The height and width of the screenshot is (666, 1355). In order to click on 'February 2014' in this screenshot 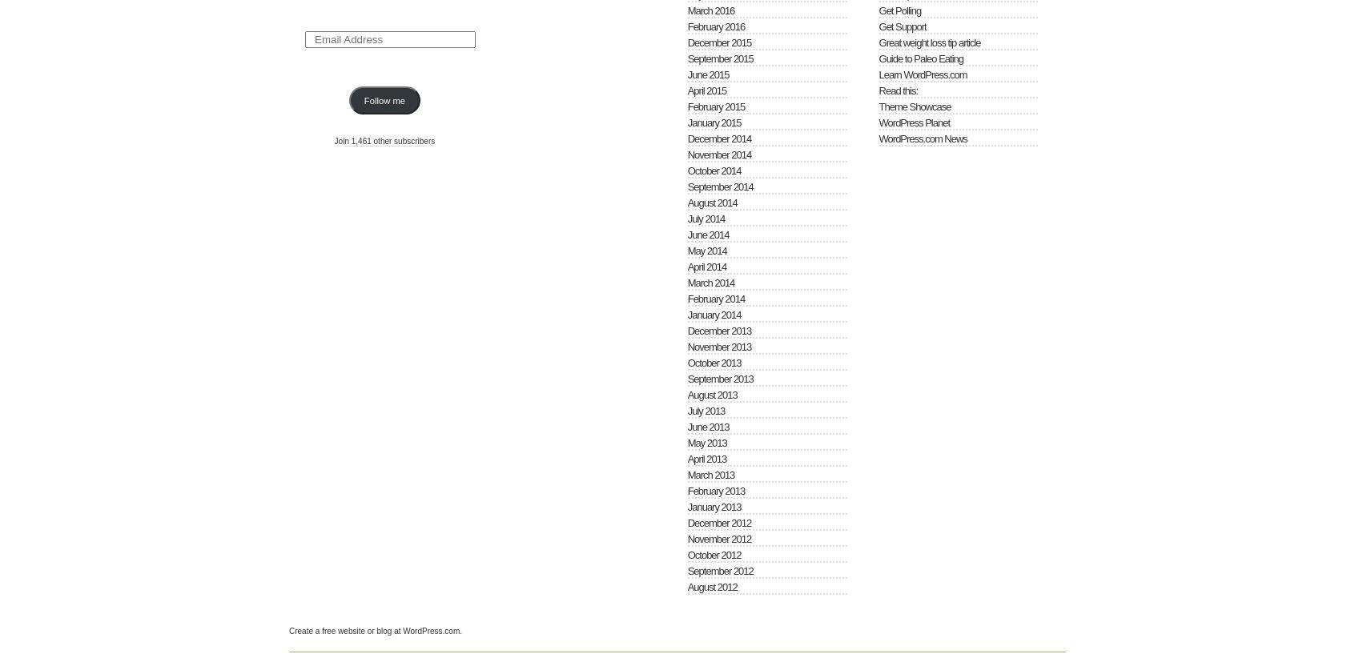, I will do `click(715, 298)`.